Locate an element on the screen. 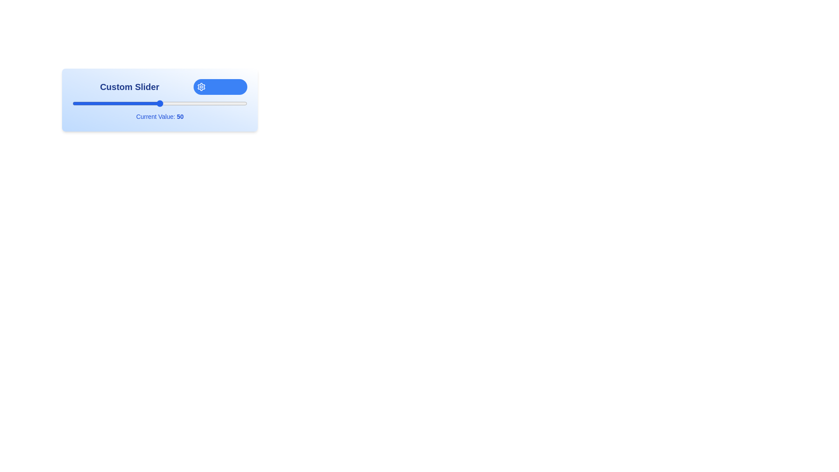  the slider's value is located at coordinates (242, 103).